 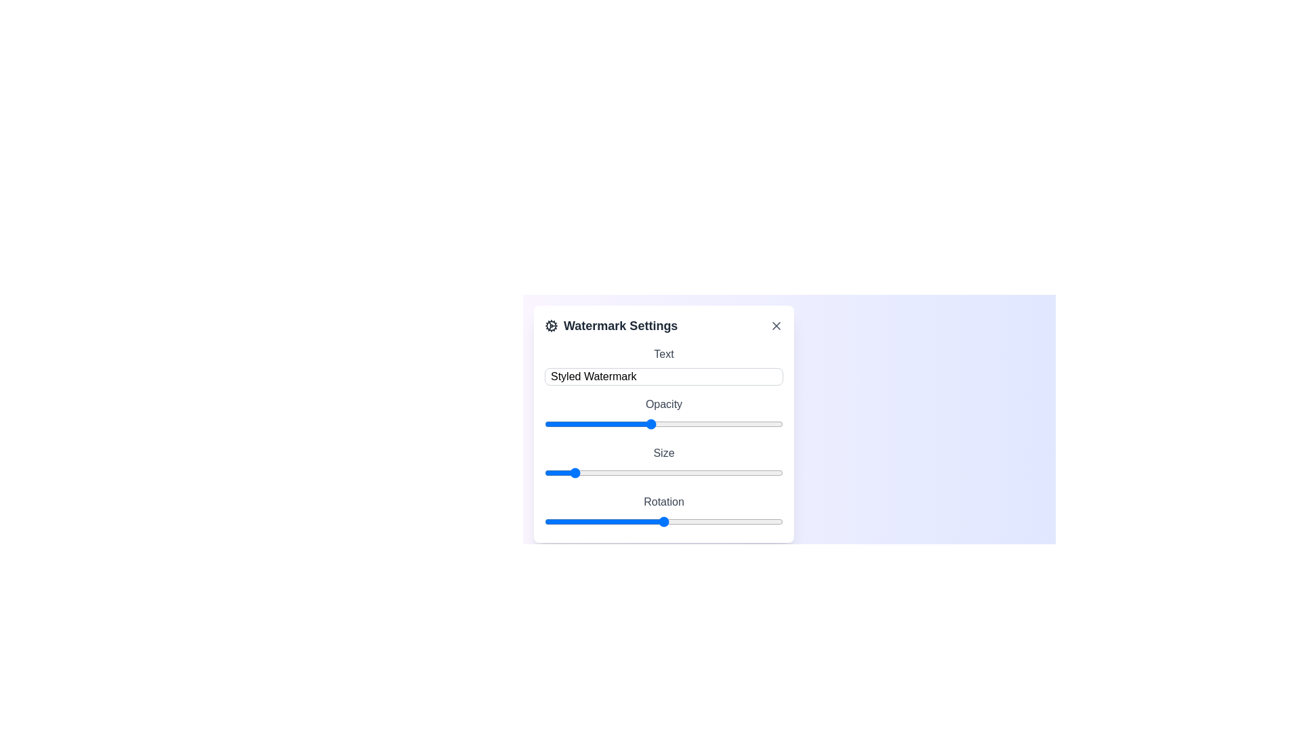 I want to click on the size, so click(x=749, y=472).